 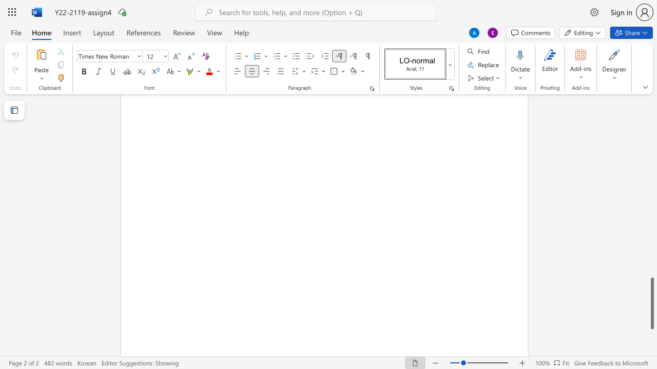 What do you see at coordinates (651, 236) in the screenshot?
I see `the page's right scrollbar for upward movement` at bounding box center [651, 236].